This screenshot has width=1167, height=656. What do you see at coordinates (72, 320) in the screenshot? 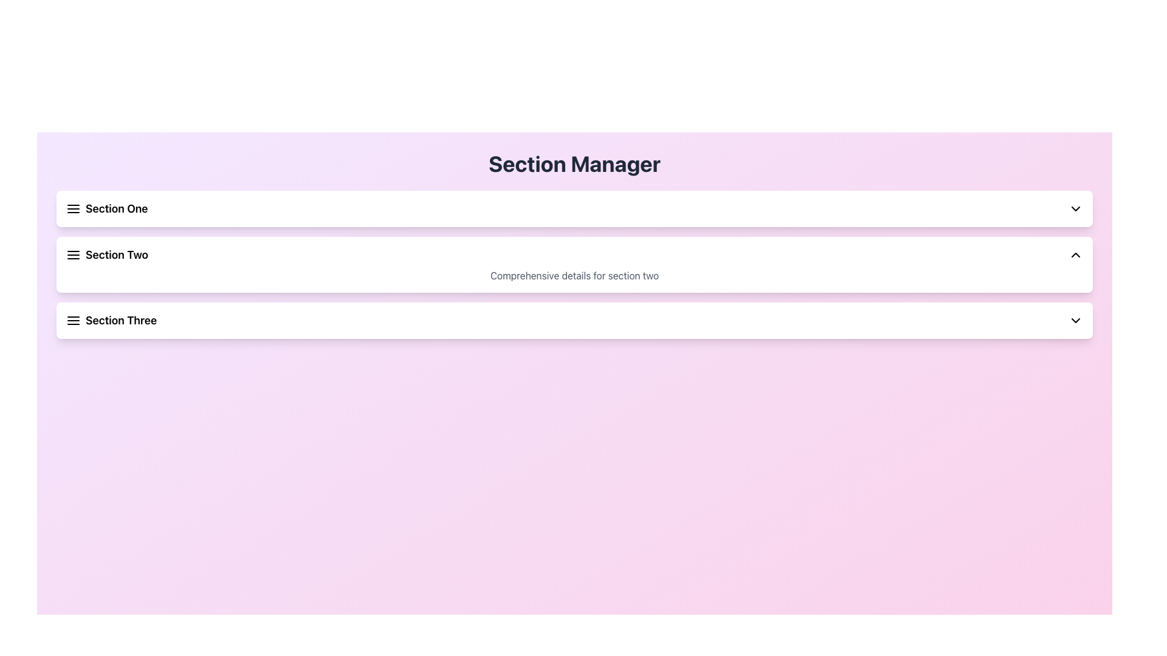
I see `the 'menu' or 'hamburger' icon located at the leftmost position of the 'Section Three' header, immediately preceding the text label 'Section Three'` at bounding box center [72, 320].